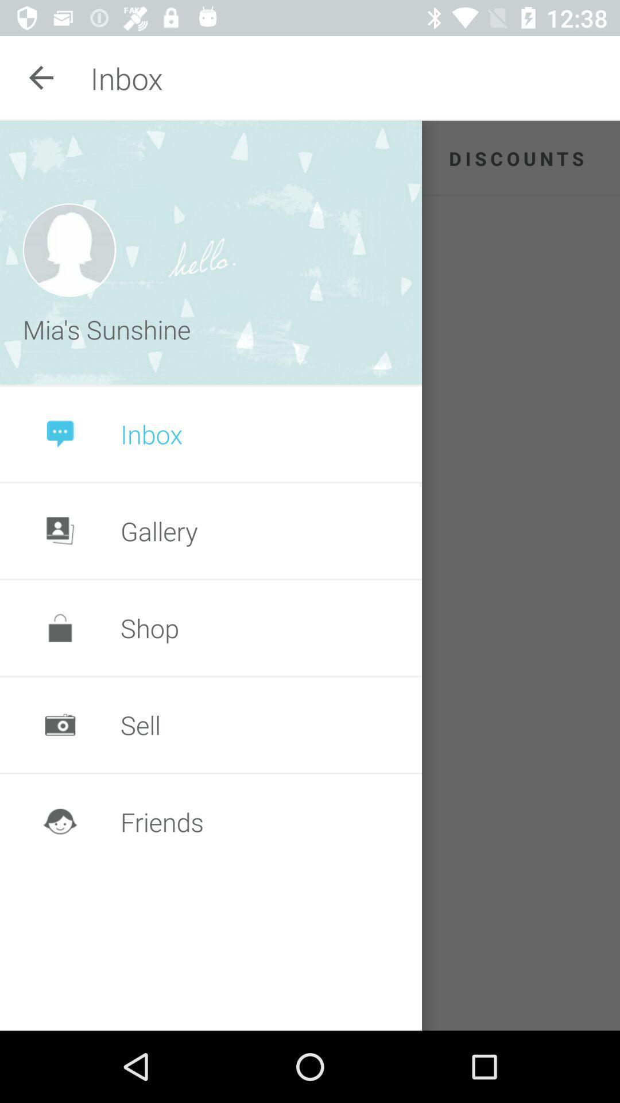 Image resolution: width=620 pixels, height=1103 pixels. I want to click on gallery icon, so click(159, 530).